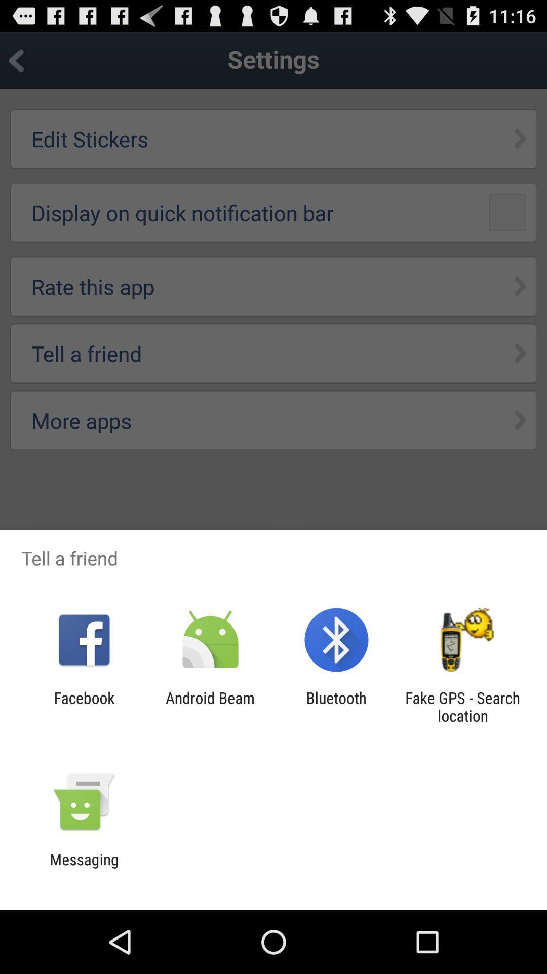  I want to click on app next to android beam item, so click(84, 706).